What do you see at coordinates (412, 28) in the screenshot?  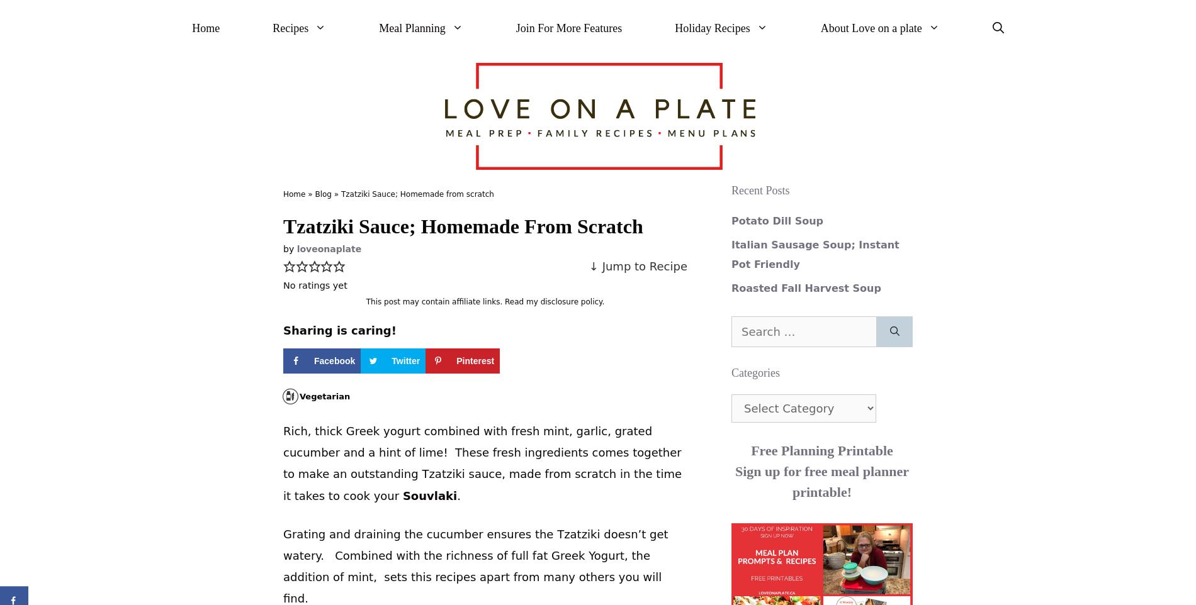 I see `'Meal Planning'` at bounding box center [412, 28].